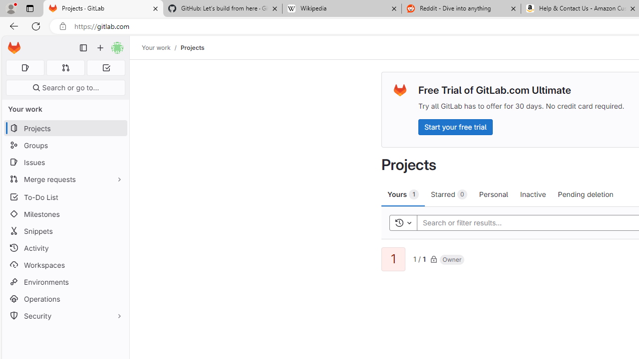  I want to click on 'Operations', so click(65, 298).